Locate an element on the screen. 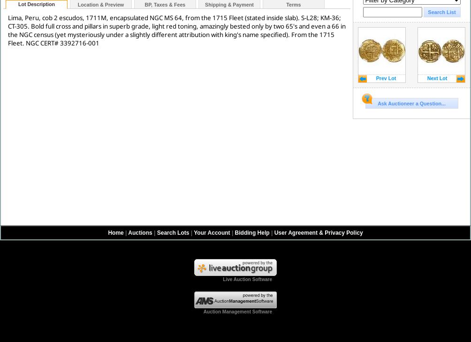 The image size is (471, 342). 'Lima, Peru, cob 2 escudos, 1711M, encapsulated NGC MS 64, from the 1715 Fleet (stated inside slab). S-L28; KM-36; CT-305.  Bold full cross and pillars in superb grade, light red toning, amazingly bested only by two 65's and even a 66 in the NGC census (yet mysteriously under a slightly different attribution with king's name specified). From the 1715 Fleet. NGC CERT# 3392716-001' is located at coordinates (176, 30).